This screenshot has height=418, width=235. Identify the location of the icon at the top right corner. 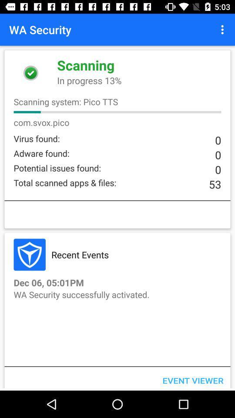
(223, 30).